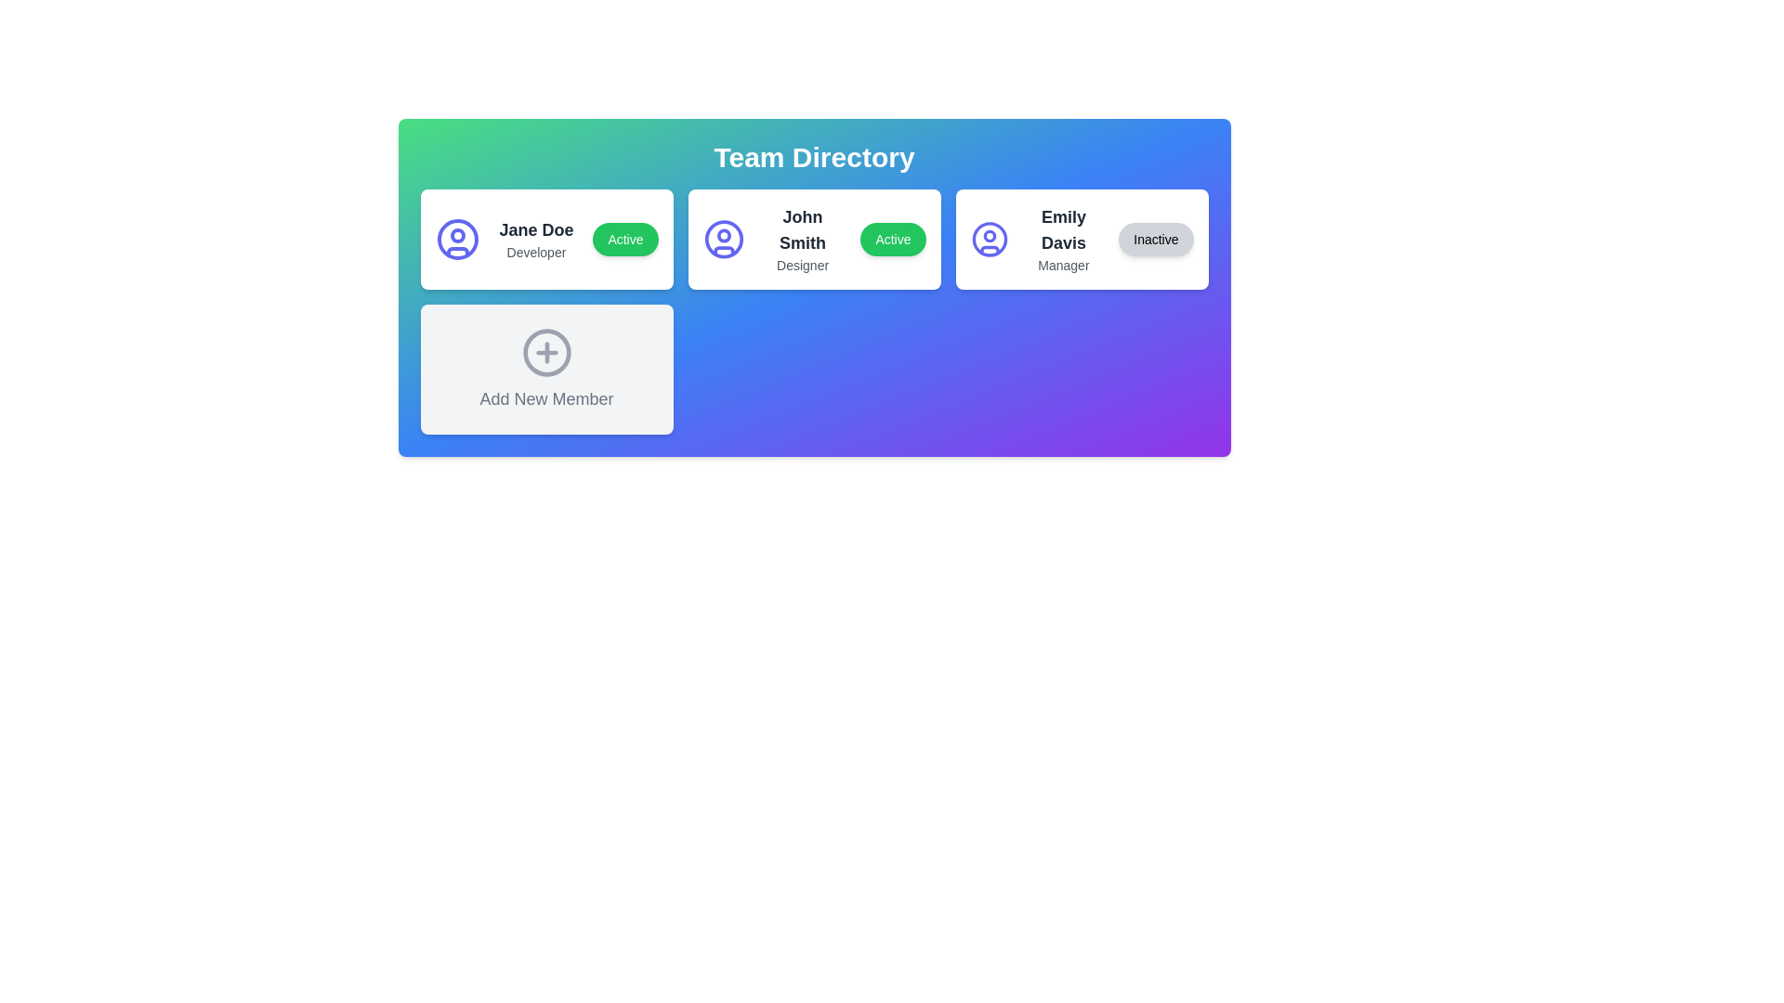 This screenshot has width=1784, height=1003. I want to click on the 'Designer' text label element located beneath 'John Smith' in the central user profile card, so click(803, 265).